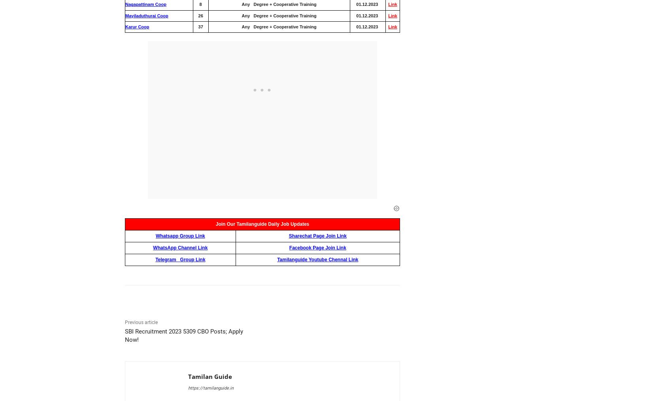 This screenshot has height=401, width=672. Describe the element at coordinates (317, 247) in the screenshot. I see `'Facebook Page Join Link'` at that location.